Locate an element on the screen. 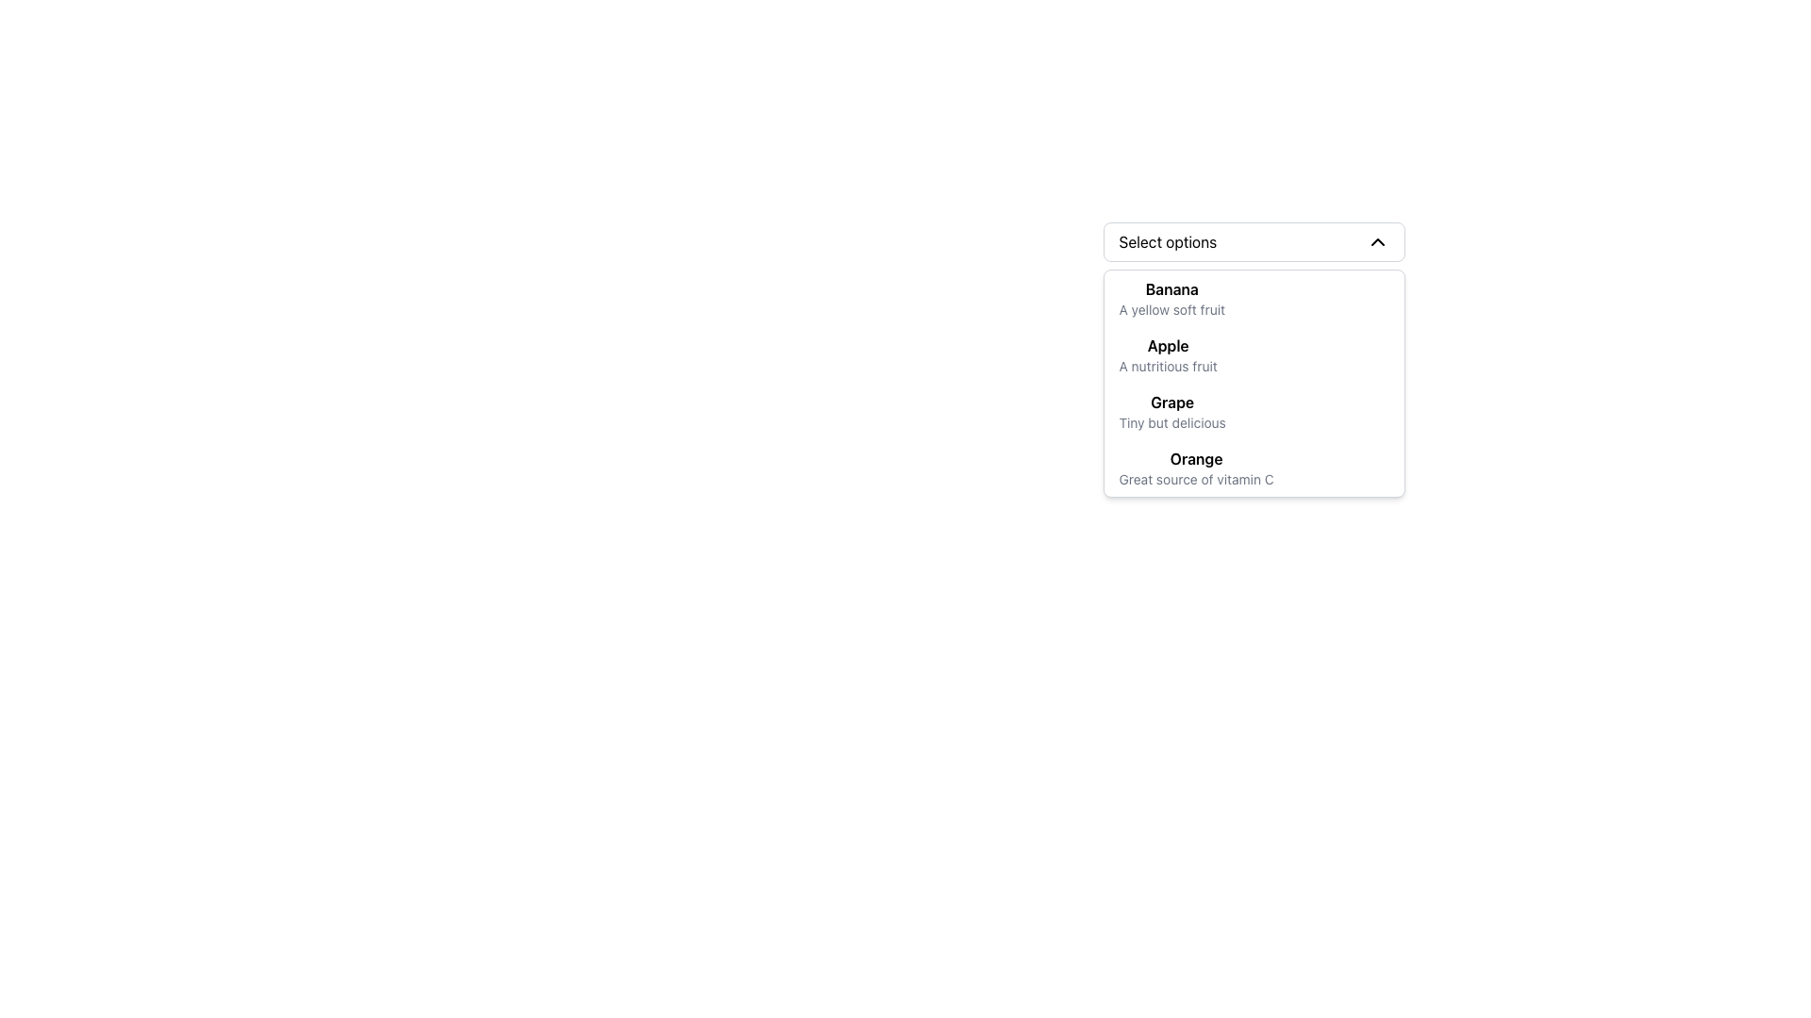 This screenshot has height=1018, width=1811. the list item labeled 'Apple' in the dropdown menu is located at coordinates (1254, 355).